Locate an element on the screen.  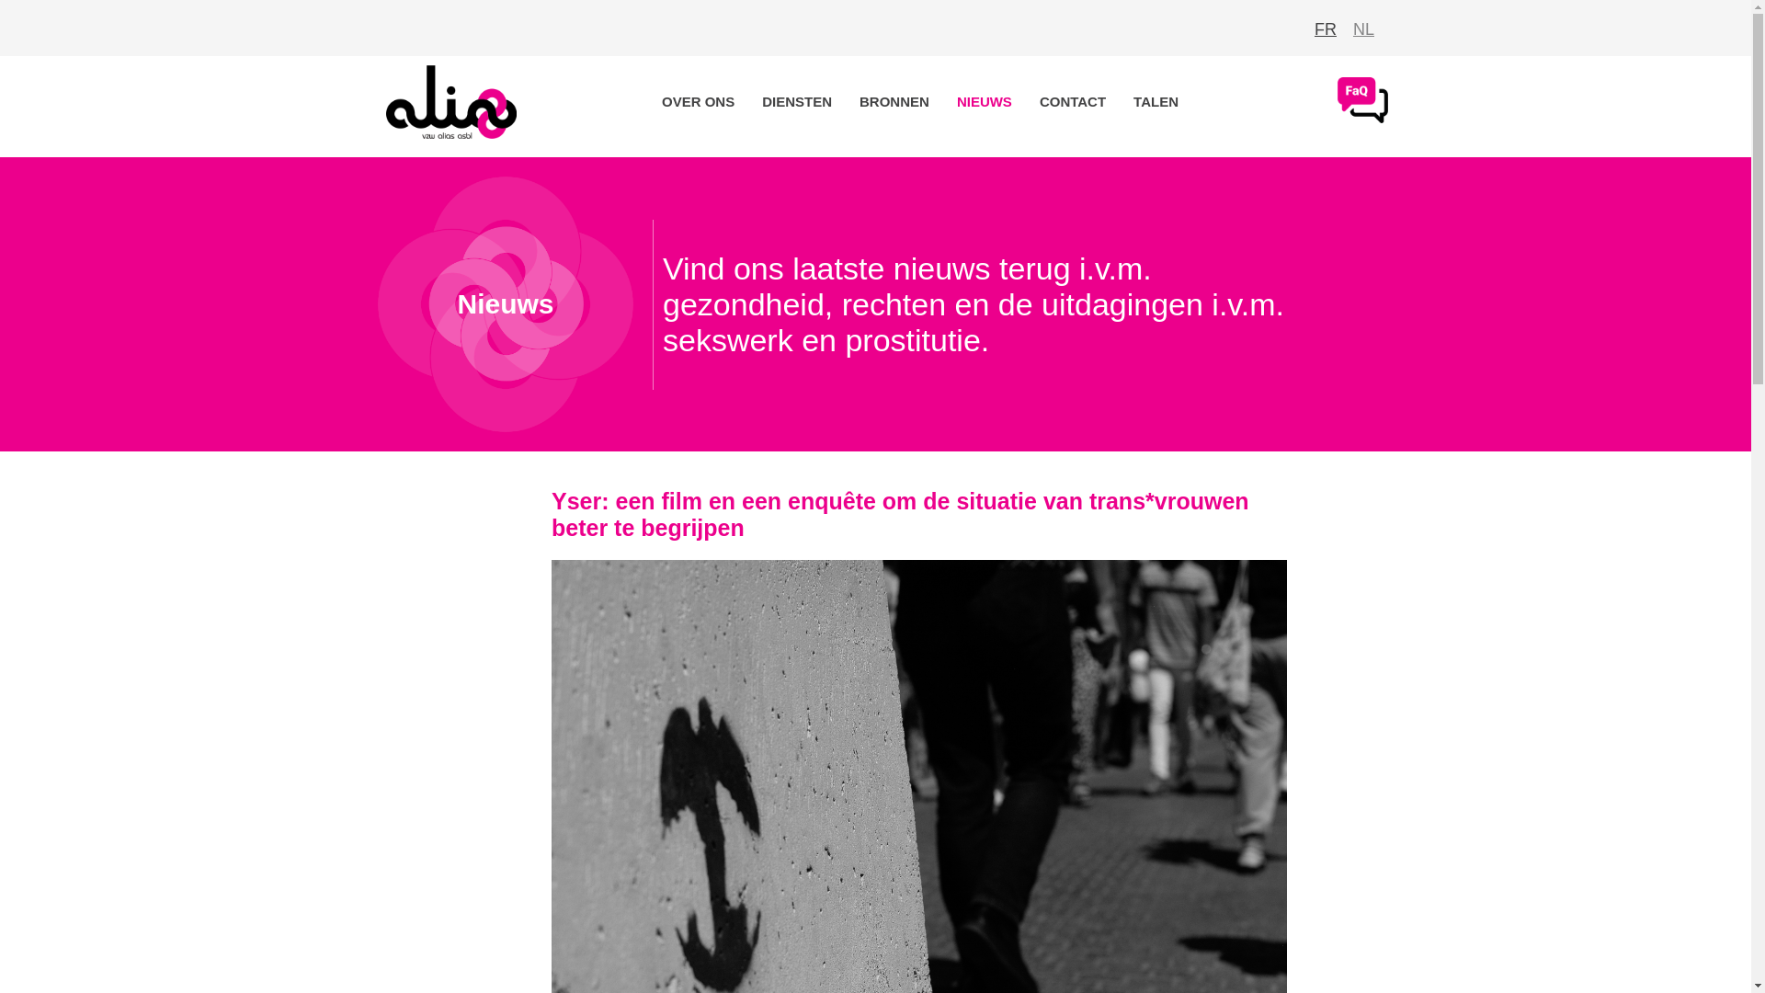
'FR' is located at coordinates (1325, 29).